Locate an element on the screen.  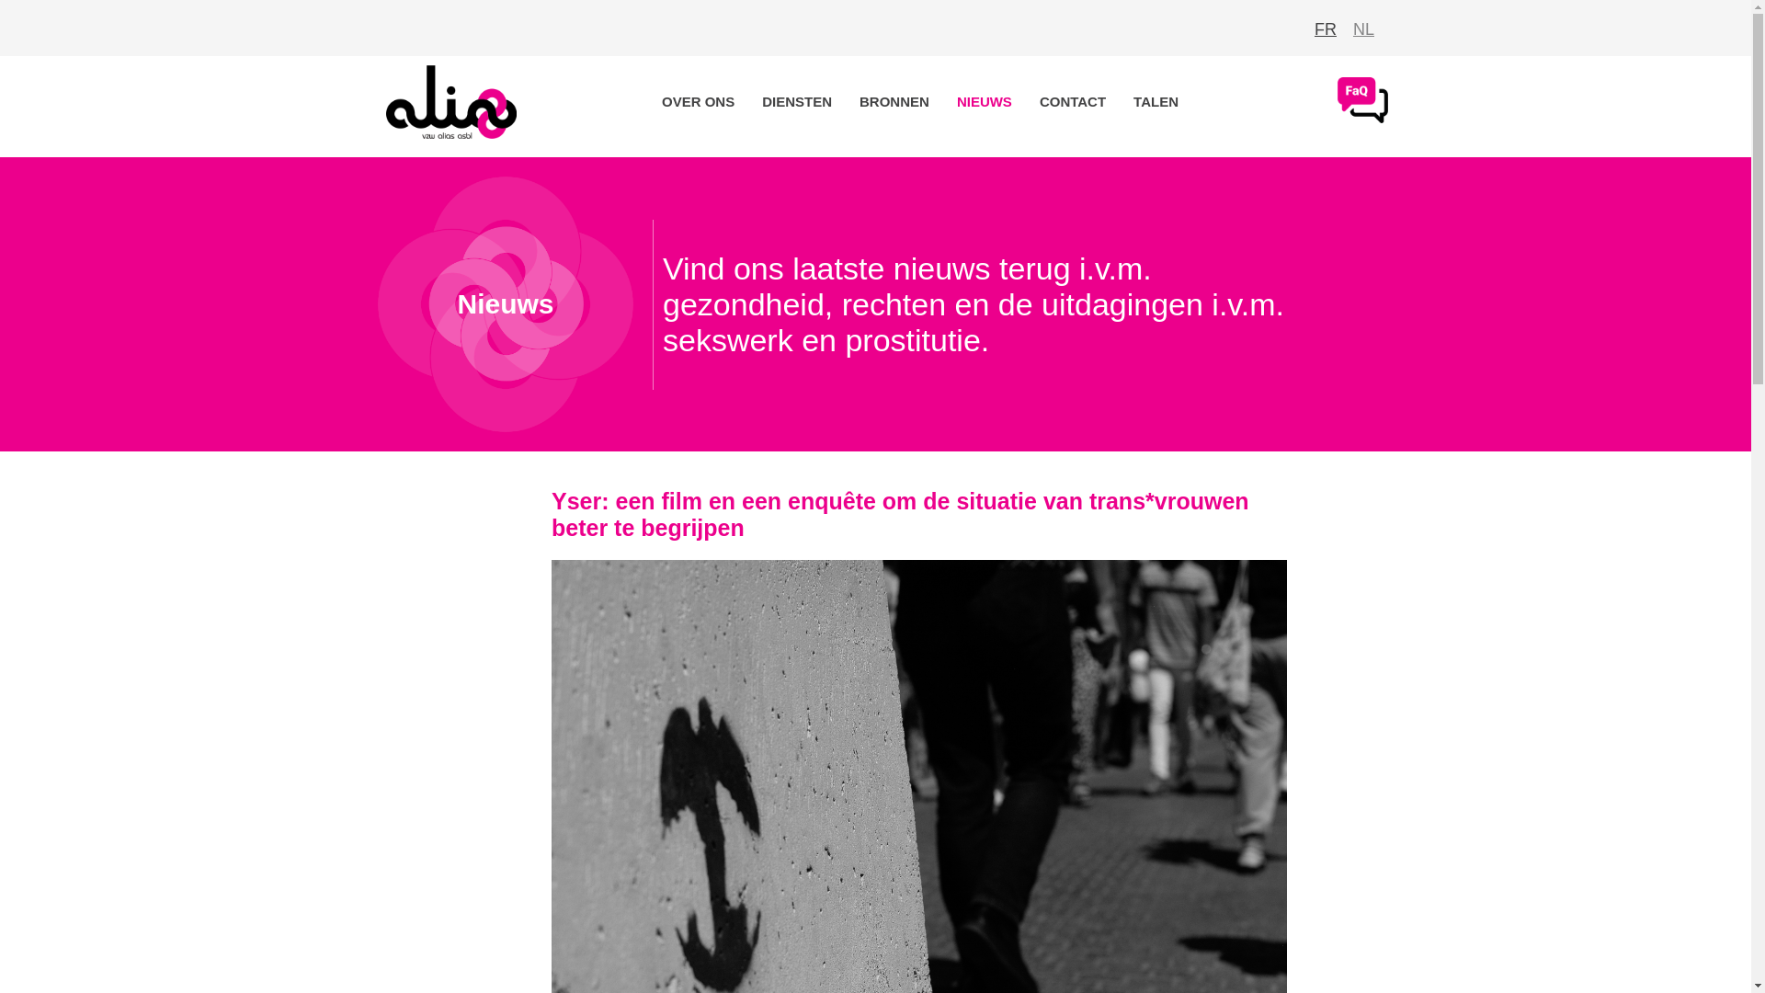
'FR' is located at coordinates (1325, 29).